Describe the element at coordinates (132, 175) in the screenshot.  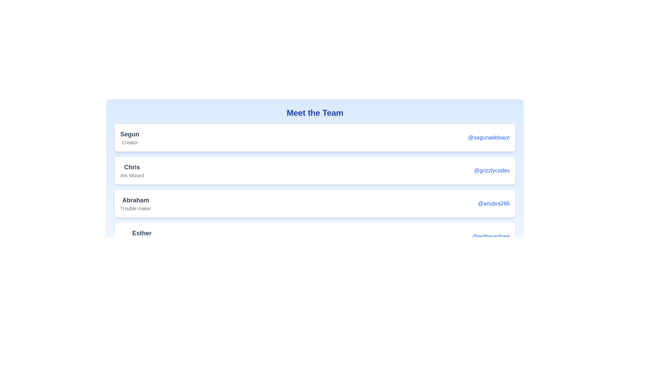
I see `the Text Label element displaying 'Ark Wizard', which is located beneath the 'Chris' text within the second card of team members` at that location.